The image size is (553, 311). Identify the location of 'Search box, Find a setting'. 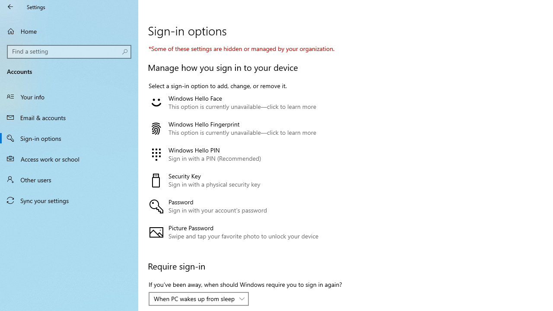
(69, 51).